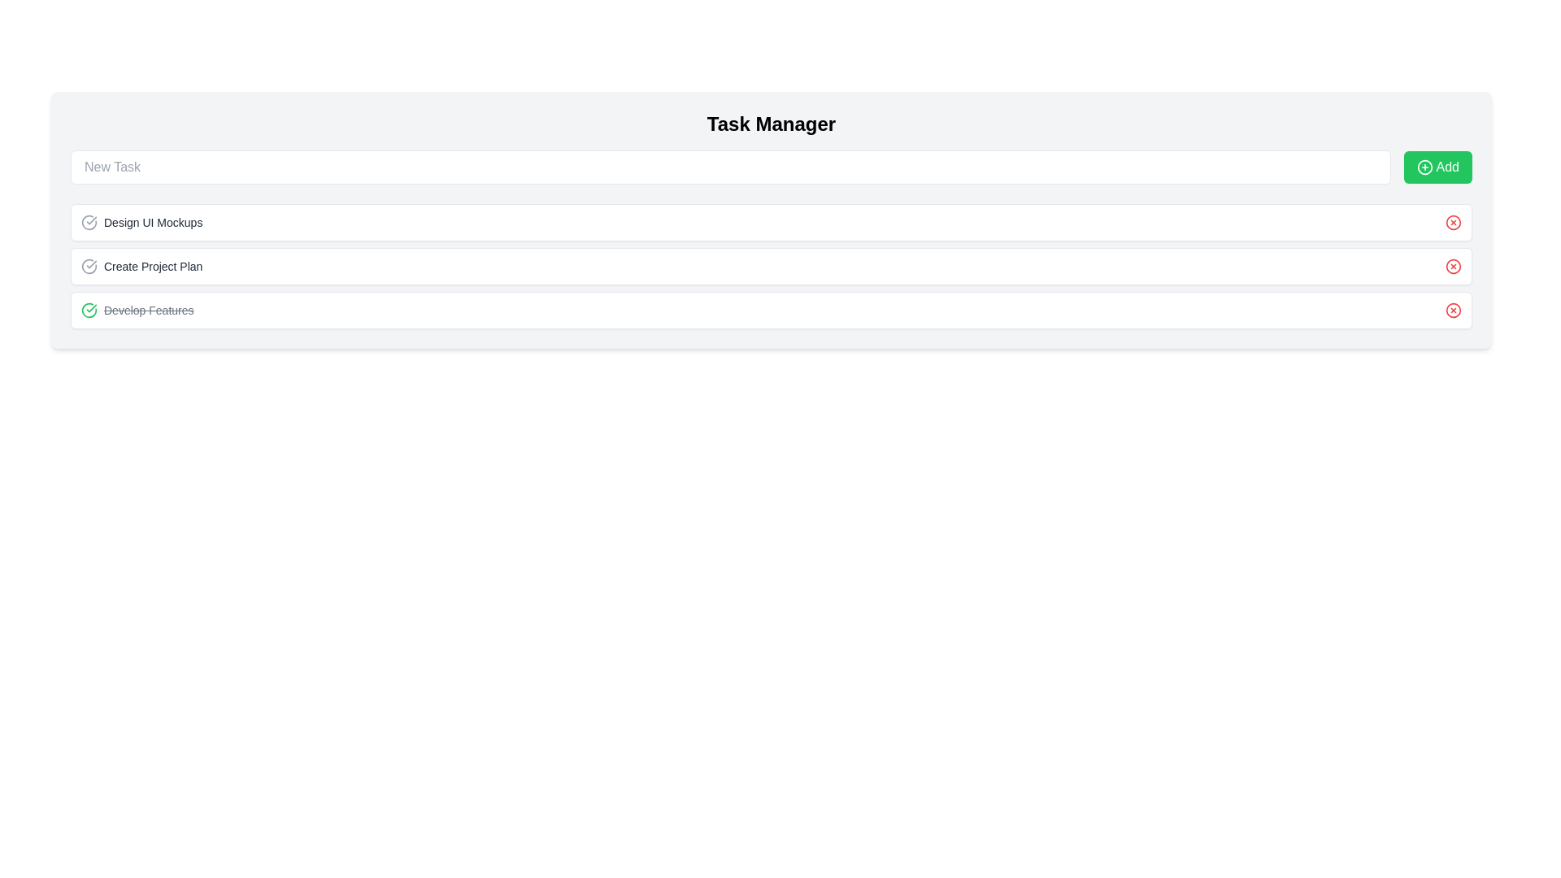 This screenshot has width=1561, height=878. Describe the element at coordinates (1454, 310) in the screenshot. I see `the delete icon button located at the far-right of the 'Develop Features' task entry` at that location.